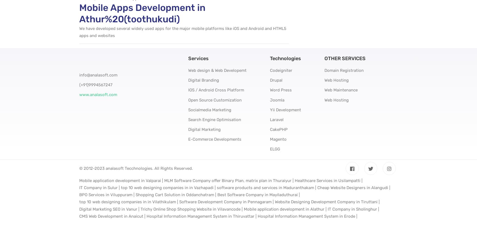 This screenshot has width=477, height=234. Describe the element at coordinates (188, 90) in the screenshot. I see `'IOS / Android Cross Platform'` at that location.